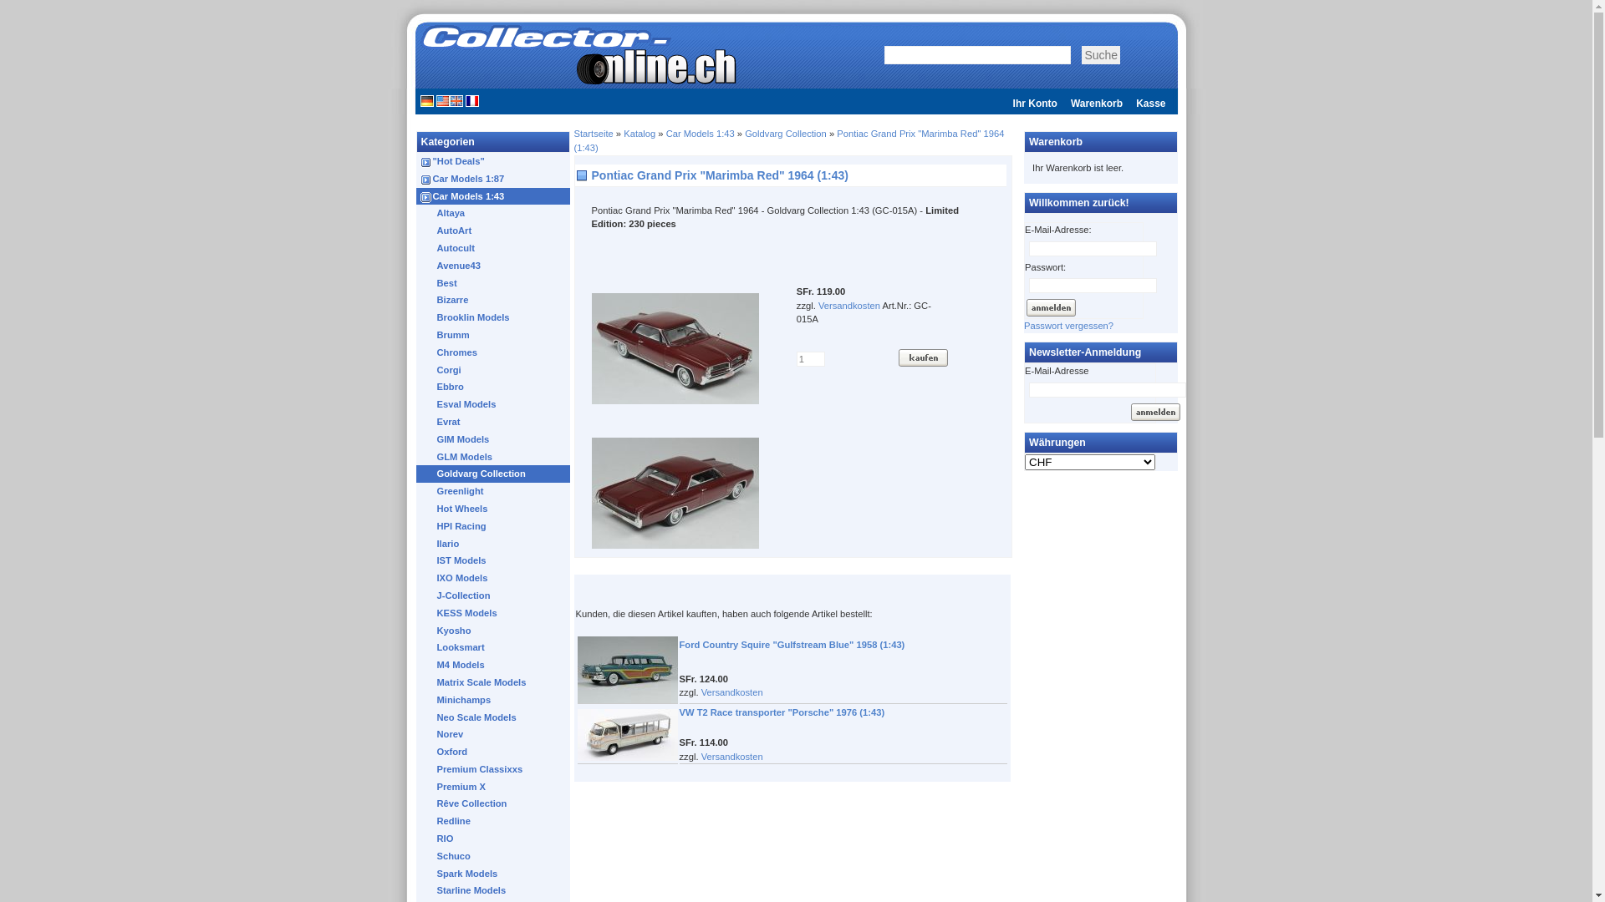  What do you see at coordinates (495, 352) in the screenshot?
I see `'Chromes'` at bounding box center [495, 352].